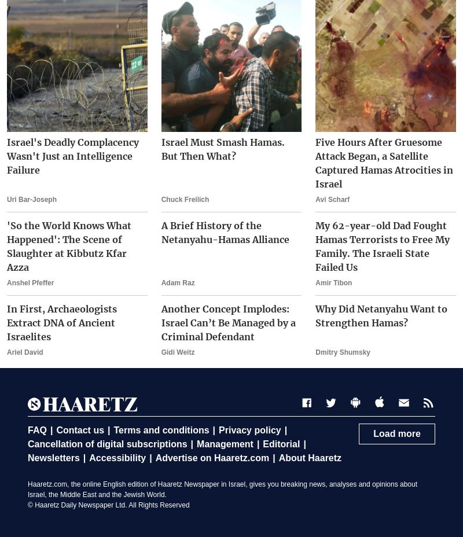 The image size is (463, 537). Describe the element at coordinates (310, 457) in the screenshot. I see `'About Haaretz'` at that location.